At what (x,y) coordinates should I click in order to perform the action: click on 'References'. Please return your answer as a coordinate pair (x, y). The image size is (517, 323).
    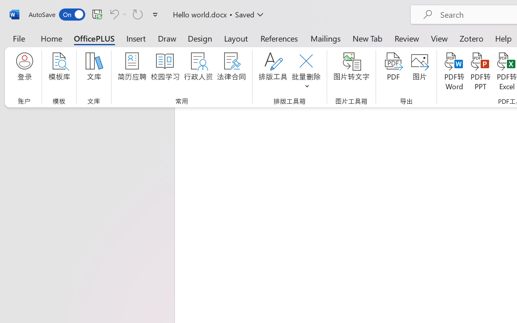
    Looking at the image, I should click on (279, 38).